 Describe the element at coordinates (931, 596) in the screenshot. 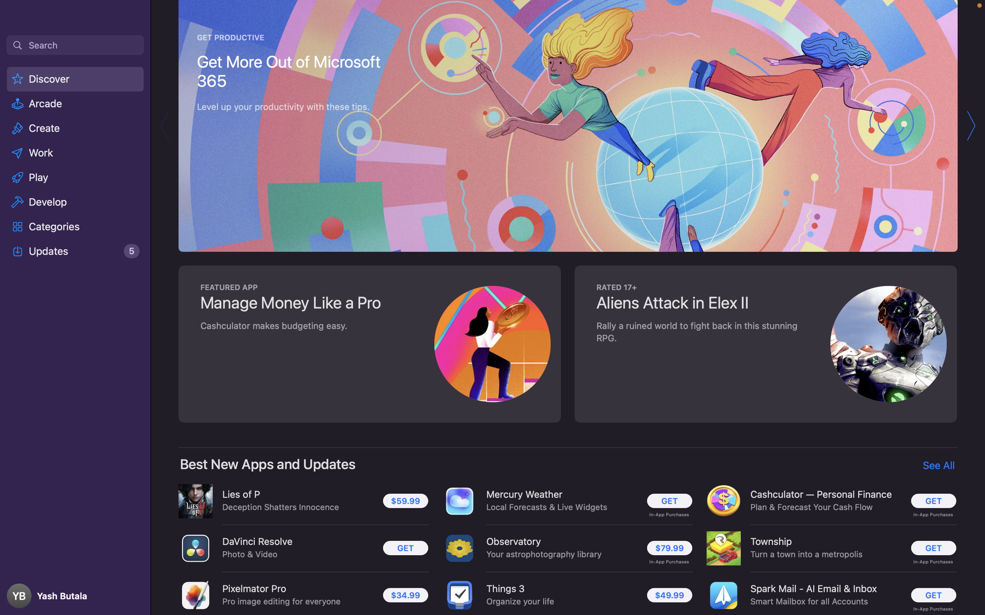

I see `Install the "Spark Mail - AI Email & Inbox" application` at that location.